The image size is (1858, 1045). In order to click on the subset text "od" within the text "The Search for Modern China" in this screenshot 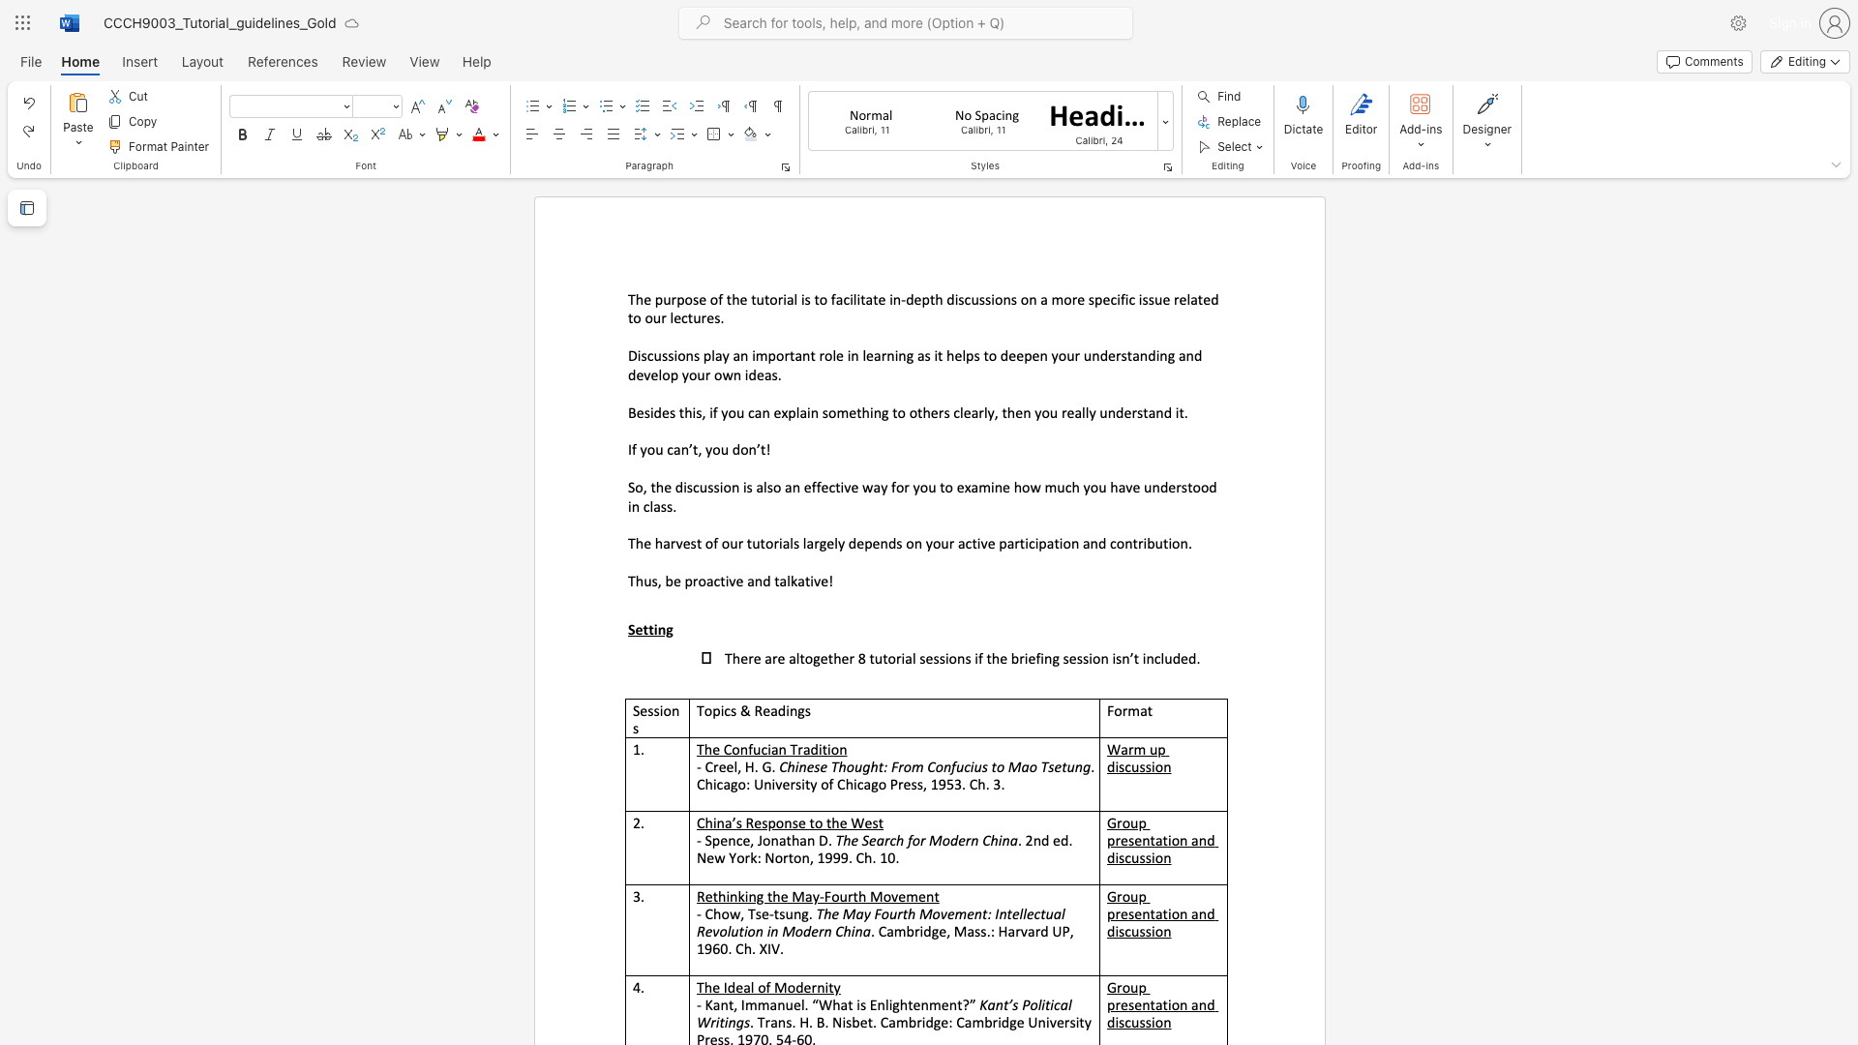, I will do `click(942, 839)`.